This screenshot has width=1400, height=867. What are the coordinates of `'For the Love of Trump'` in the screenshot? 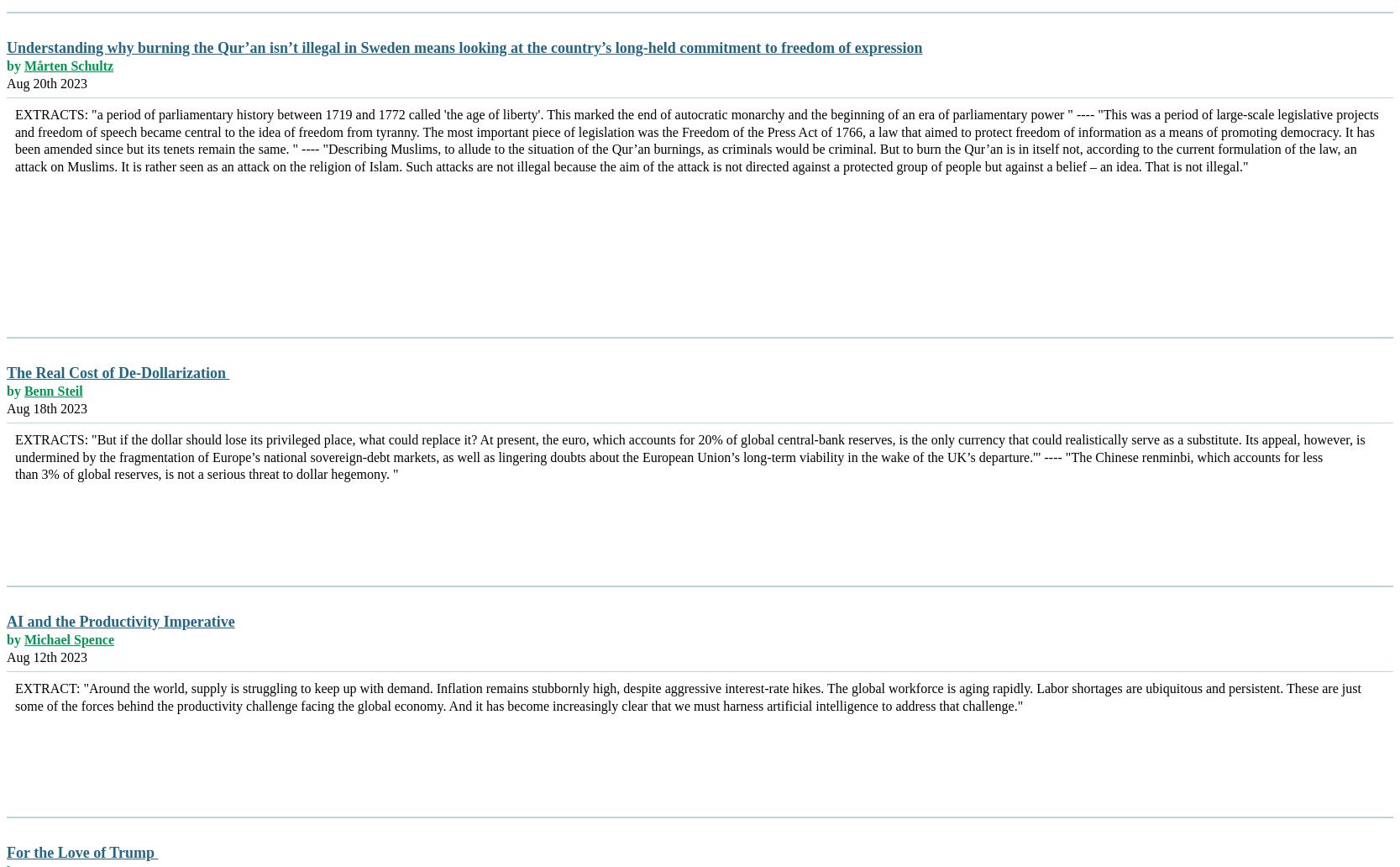 It's located at (7, 851).